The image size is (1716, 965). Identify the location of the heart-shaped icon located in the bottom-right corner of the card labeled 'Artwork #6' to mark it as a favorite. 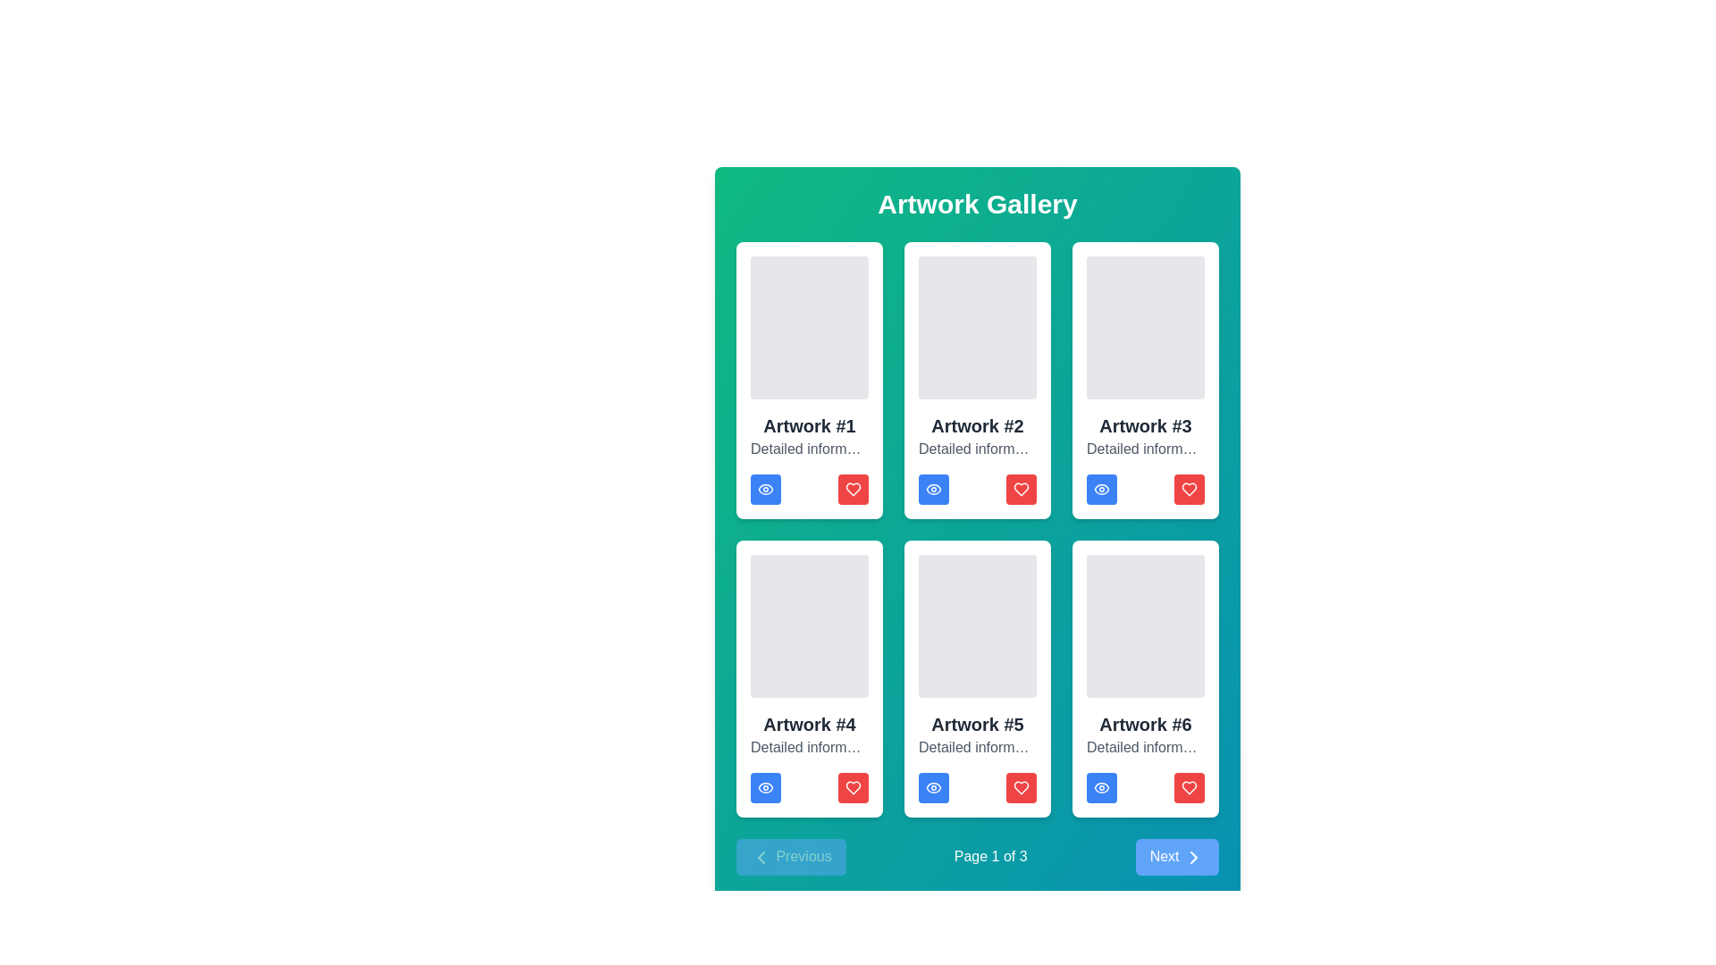
(1189, 787).